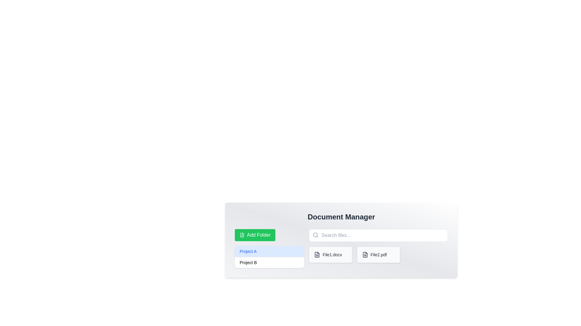 This screenshot has height=326, width=581. I want to click on the static text label displaying 'File2.pdf' which is located in the middle-right of the Document Manager interface, so click(378, 255).